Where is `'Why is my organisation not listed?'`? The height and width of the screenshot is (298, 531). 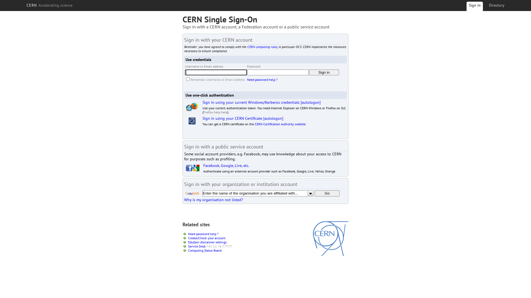 'Why is my organisation not listed?' is located at coordinates (184, 200).